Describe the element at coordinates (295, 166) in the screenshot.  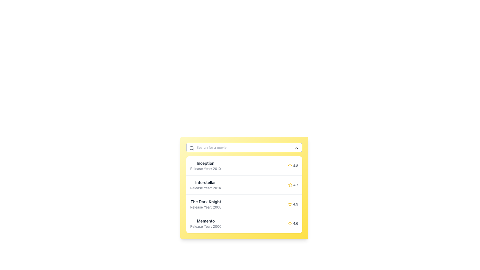
I see `the text label displaying the rating score '4.8', which is styled in gray and positioned near the yellow star icon associated with the movie 'Inception'` at that location.